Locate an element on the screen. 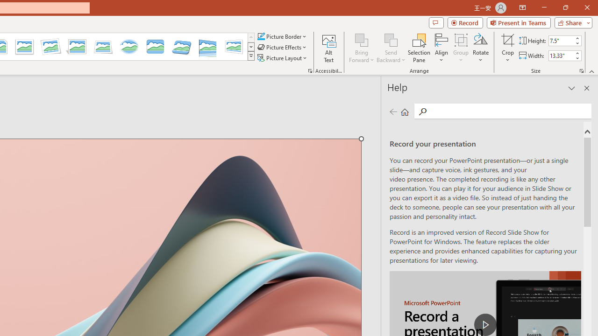 The height and width of the screenshot is (336, 598). 'Send Backward' is located at coordinates (391, 48).